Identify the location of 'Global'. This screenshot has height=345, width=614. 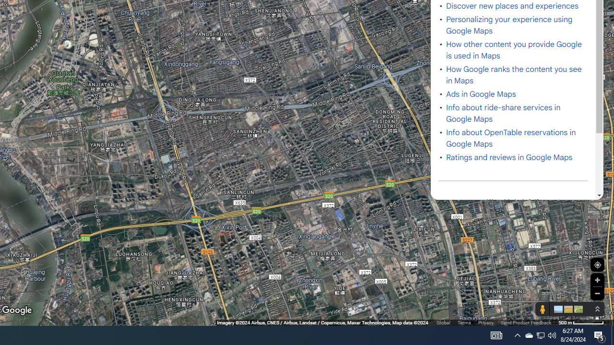
(443, 322).